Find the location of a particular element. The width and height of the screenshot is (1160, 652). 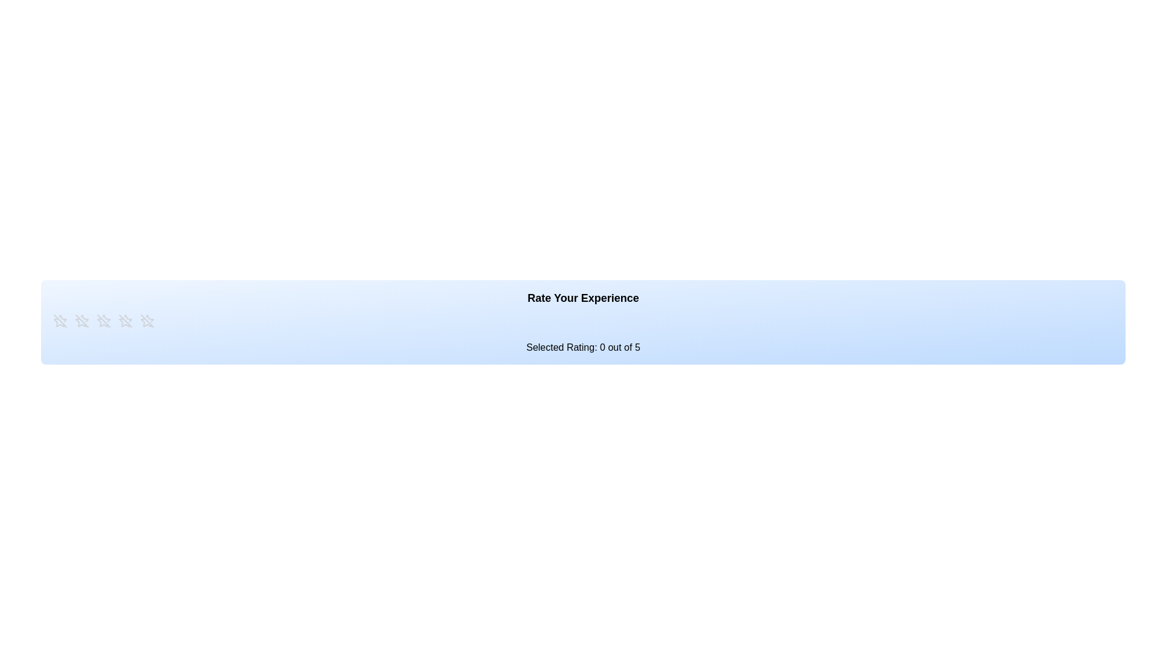

the star corresponding to 5 stars to preview the rating is located at coordinates (147, 321).